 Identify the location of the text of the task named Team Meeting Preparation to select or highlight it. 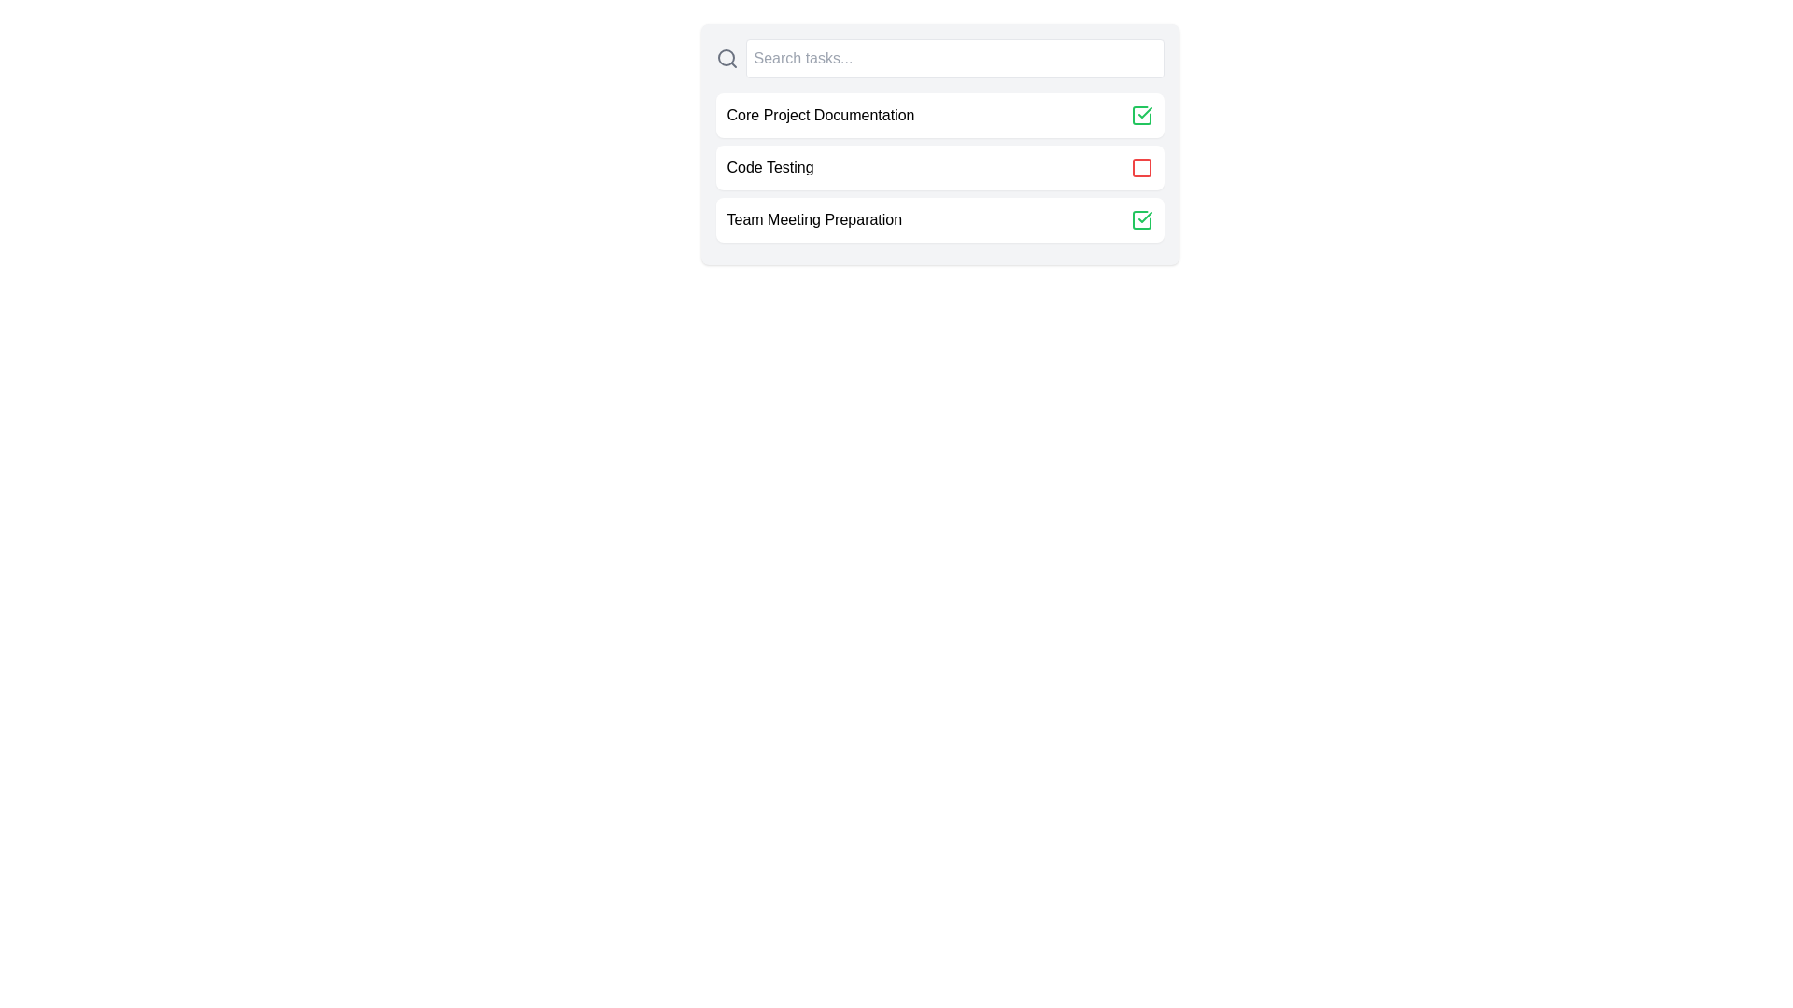
(814, 218).